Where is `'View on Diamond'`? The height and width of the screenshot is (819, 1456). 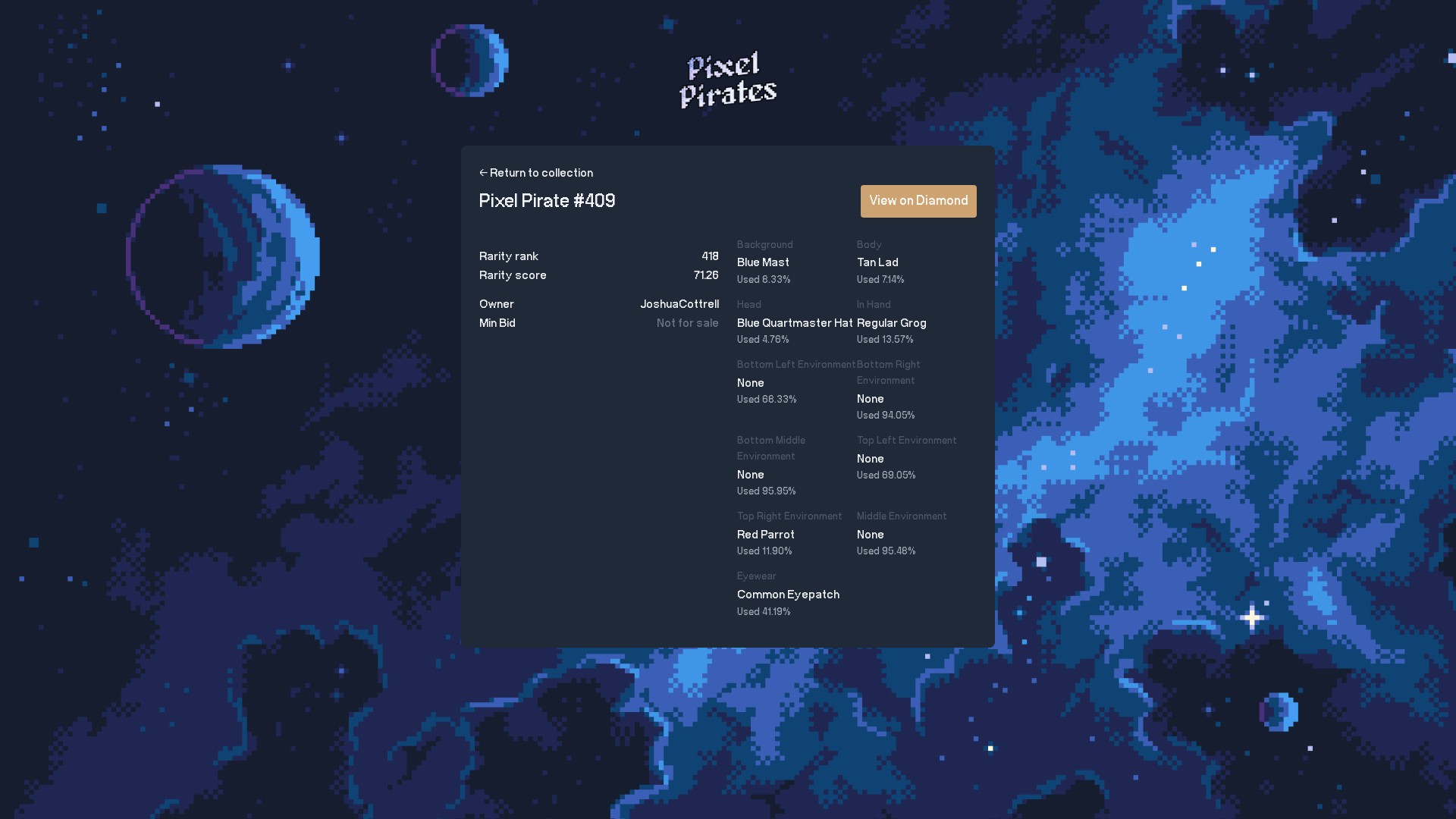 'View on Diamond' is located at coordinates (860, 200).